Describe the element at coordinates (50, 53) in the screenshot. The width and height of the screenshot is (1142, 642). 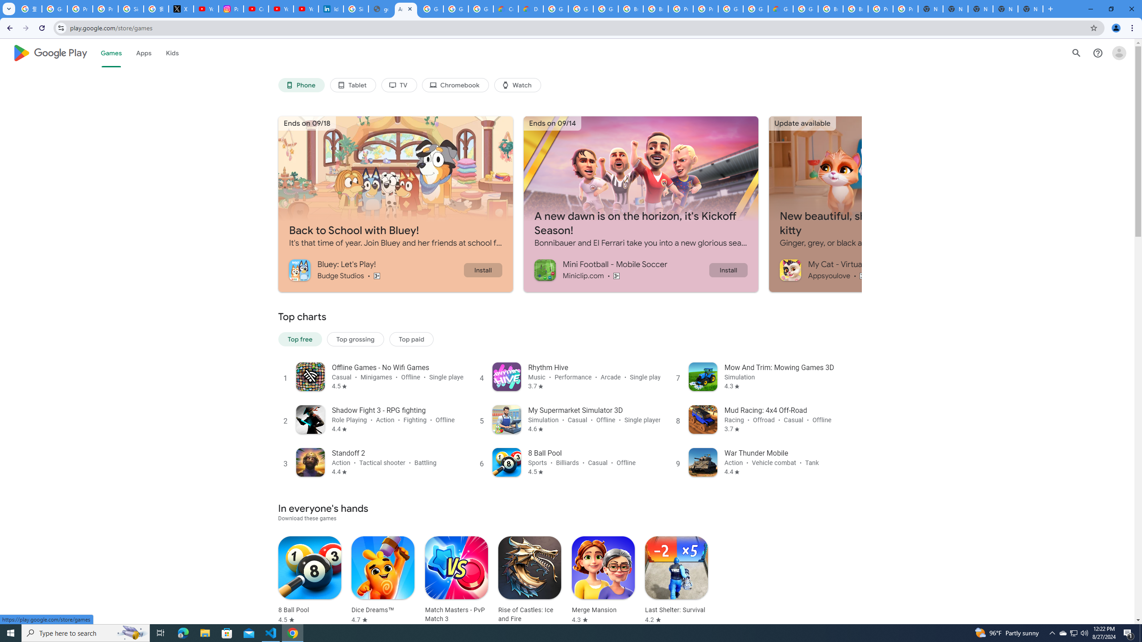
I see `'Google Play logo'` at that location.